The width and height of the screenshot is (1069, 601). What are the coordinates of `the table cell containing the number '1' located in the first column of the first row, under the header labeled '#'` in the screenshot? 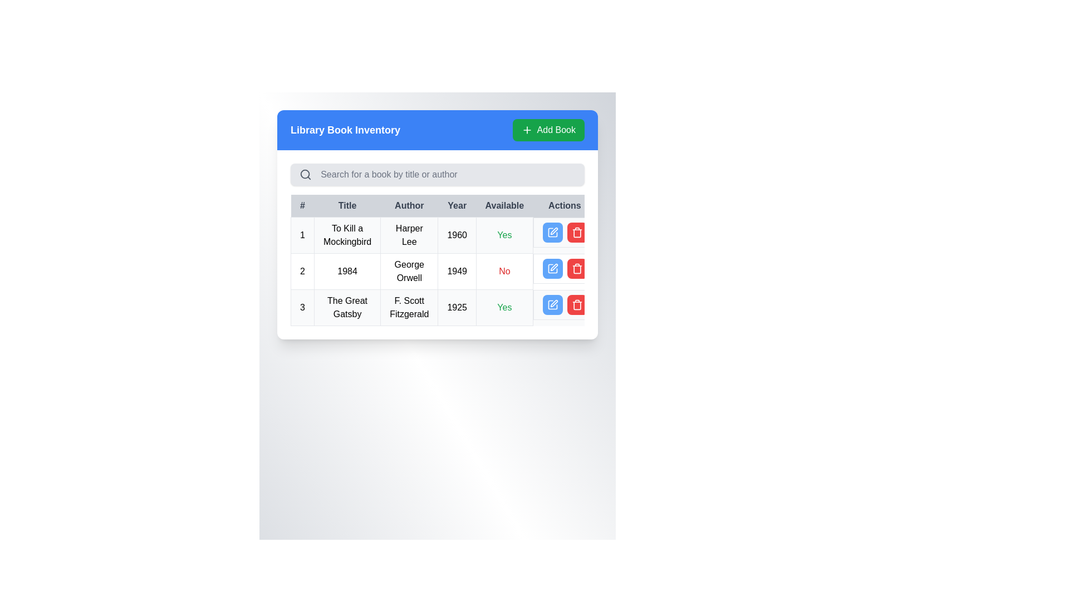 It's located at (302, 235).